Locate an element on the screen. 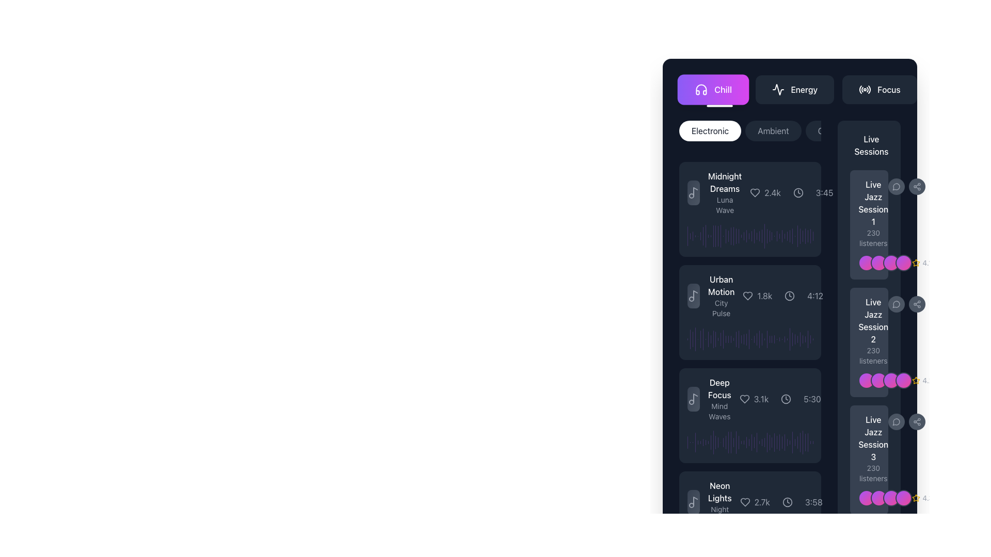 The width and height of the screenshot is (991, 557). the text display showing '3.1k', styled in light grey on a dark blue background, located next to a heart icon and part of the 'Deep Focus' list entry is located at coordinates (761, 399).